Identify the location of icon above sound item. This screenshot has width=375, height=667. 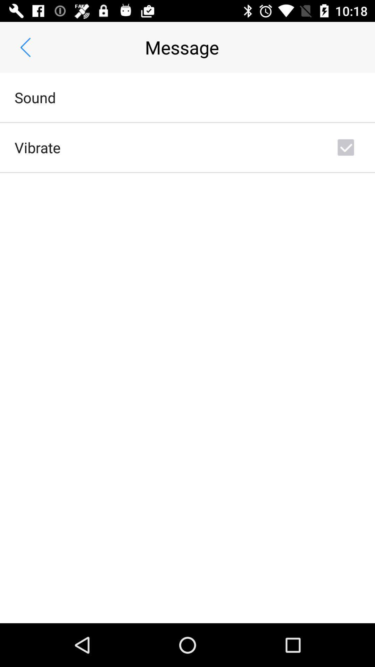
(25, 47).